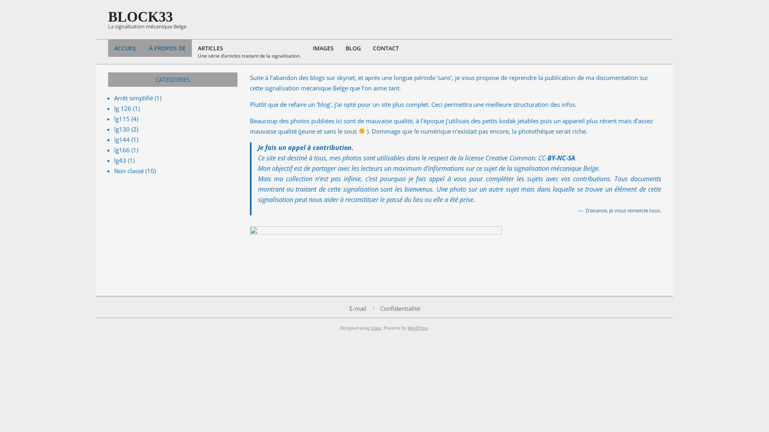 The width and height of the screenshot is (769, 432). Describe the element at coordinates (306, 48) in the screenshot. I see `'IMAGES'` at that location.